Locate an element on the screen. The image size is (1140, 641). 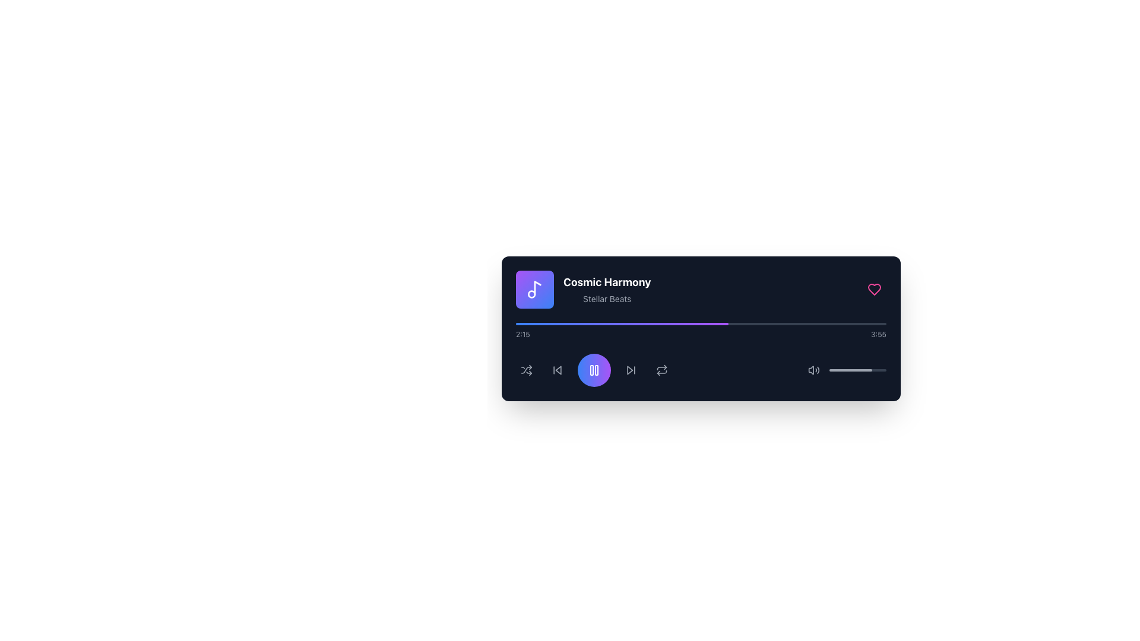
the shuffle button on the control panel is located at coordinates (526, 370).